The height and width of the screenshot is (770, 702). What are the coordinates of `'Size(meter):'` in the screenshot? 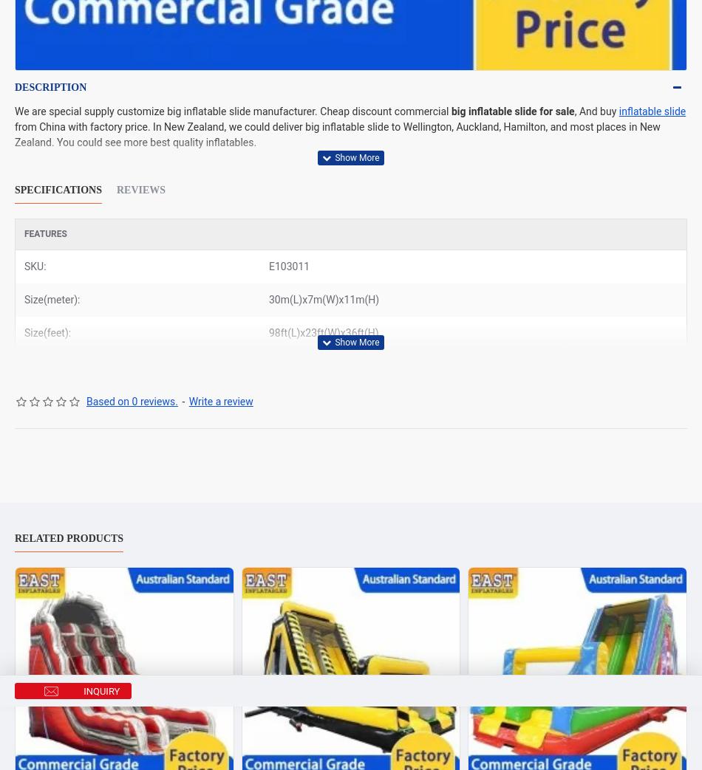 It's located at (52, 300).